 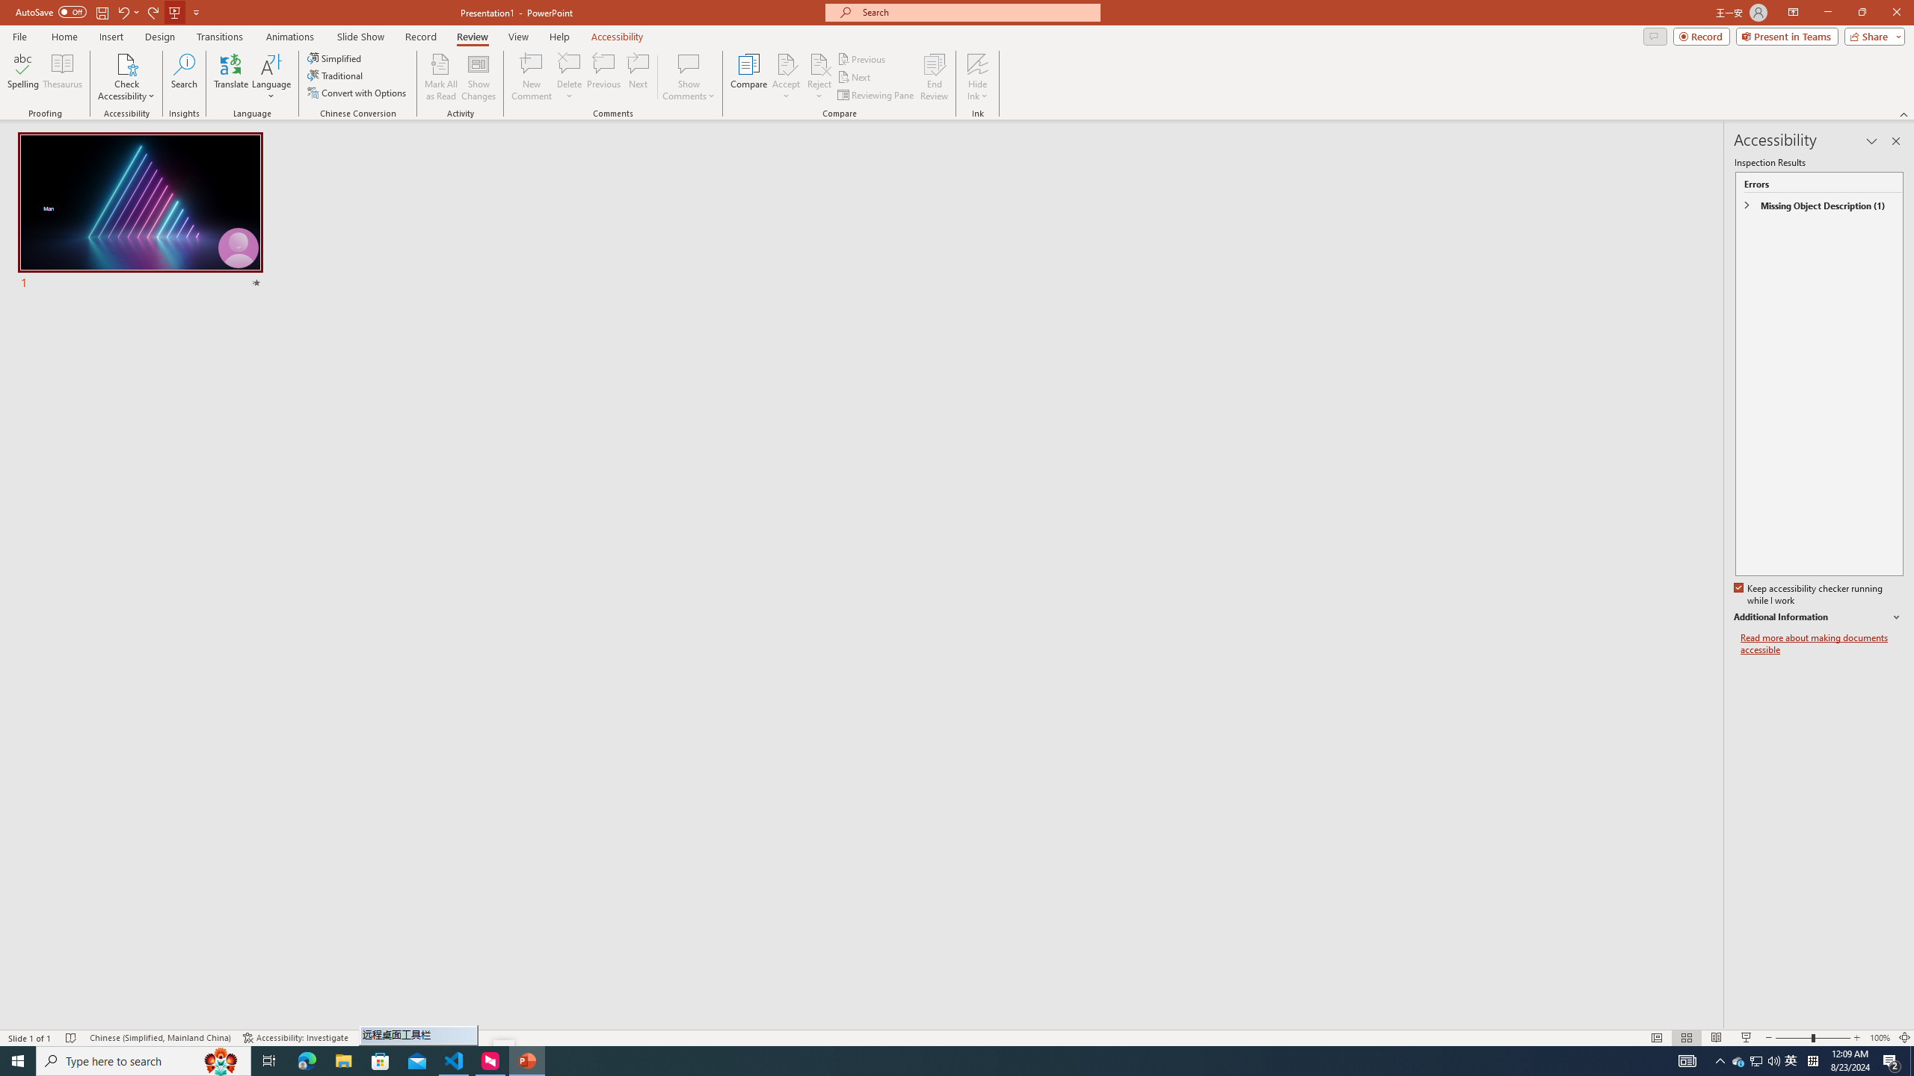 I want to click on 'Zoom 100%', so click(x=1880, y=1038).